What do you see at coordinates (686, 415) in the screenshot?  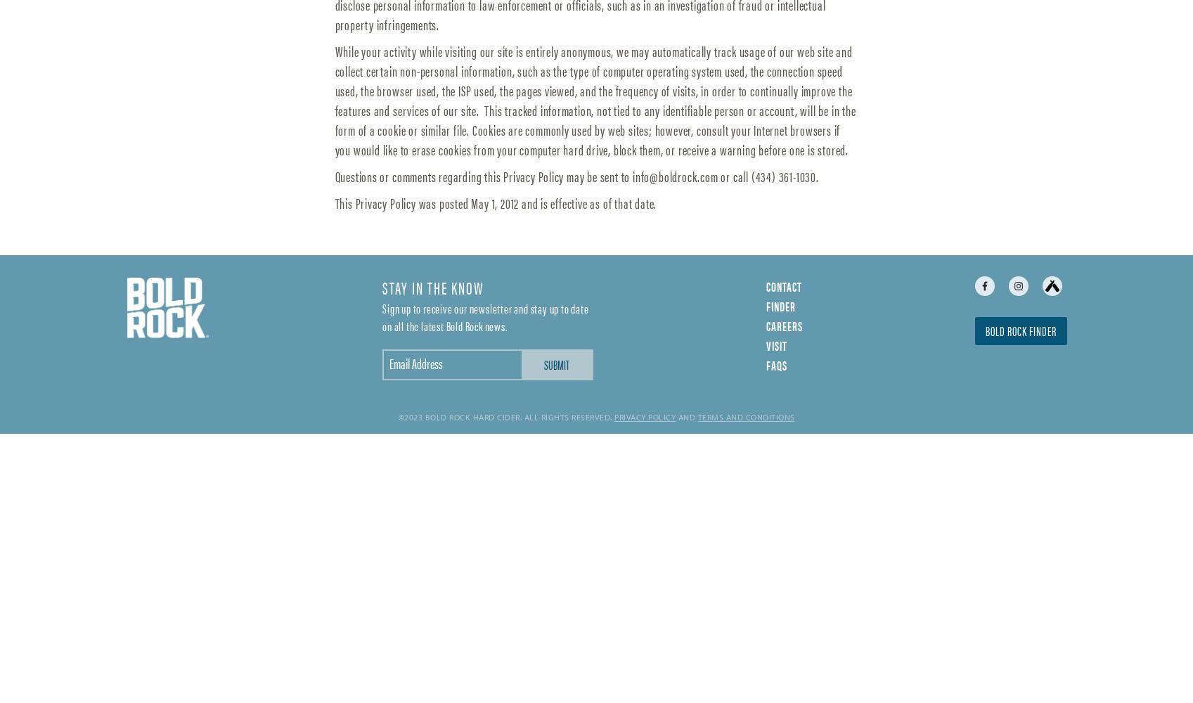 I see `'and'` at bounding box center [686, 415].